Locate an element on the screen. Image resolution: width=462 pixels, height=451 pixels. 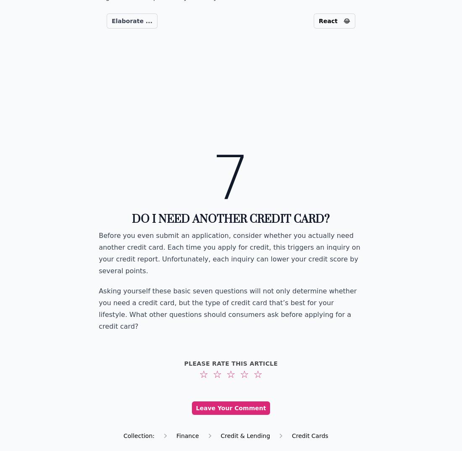
'Please rate this article' is located at coordinates (231, 363).